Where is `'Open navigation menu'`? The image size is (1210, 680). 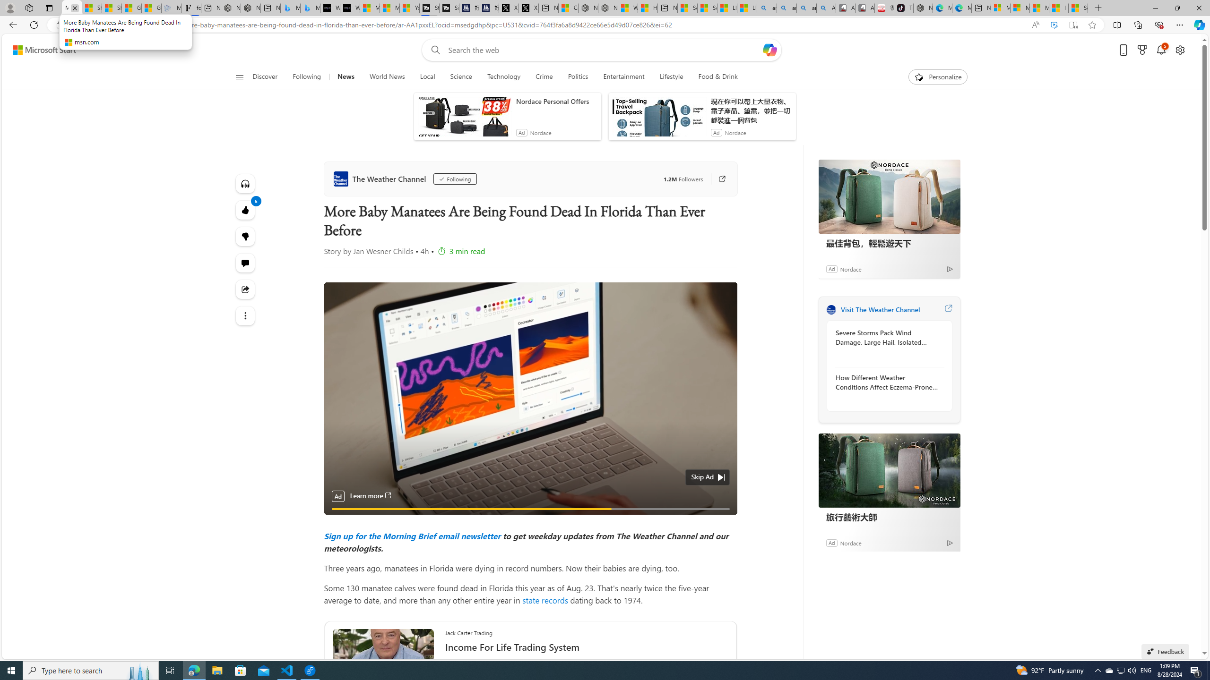 'Open navigation menu' is located at coordinates (239, 76).